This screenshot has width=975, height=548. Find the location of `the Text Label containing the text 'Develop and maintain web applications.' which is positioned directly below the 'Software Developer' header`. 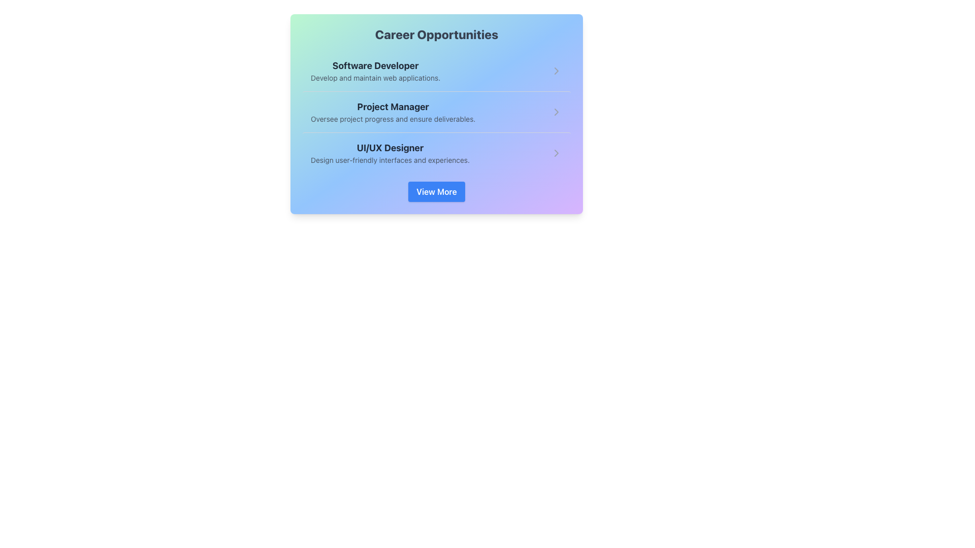

the Text Label containing the text 'Develop and maintain web applications.' which is positioned directly below the 'Software Developer' header is located at coordinates (375, 78).